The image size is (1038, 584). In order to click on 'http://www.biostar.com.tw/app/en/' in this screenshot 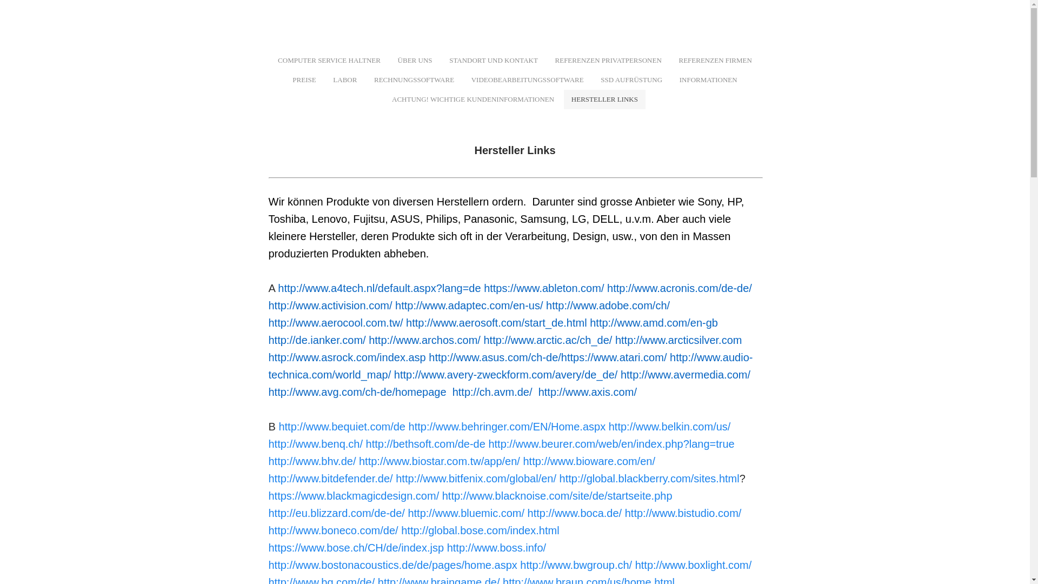, I will do `click(439, 461)`.